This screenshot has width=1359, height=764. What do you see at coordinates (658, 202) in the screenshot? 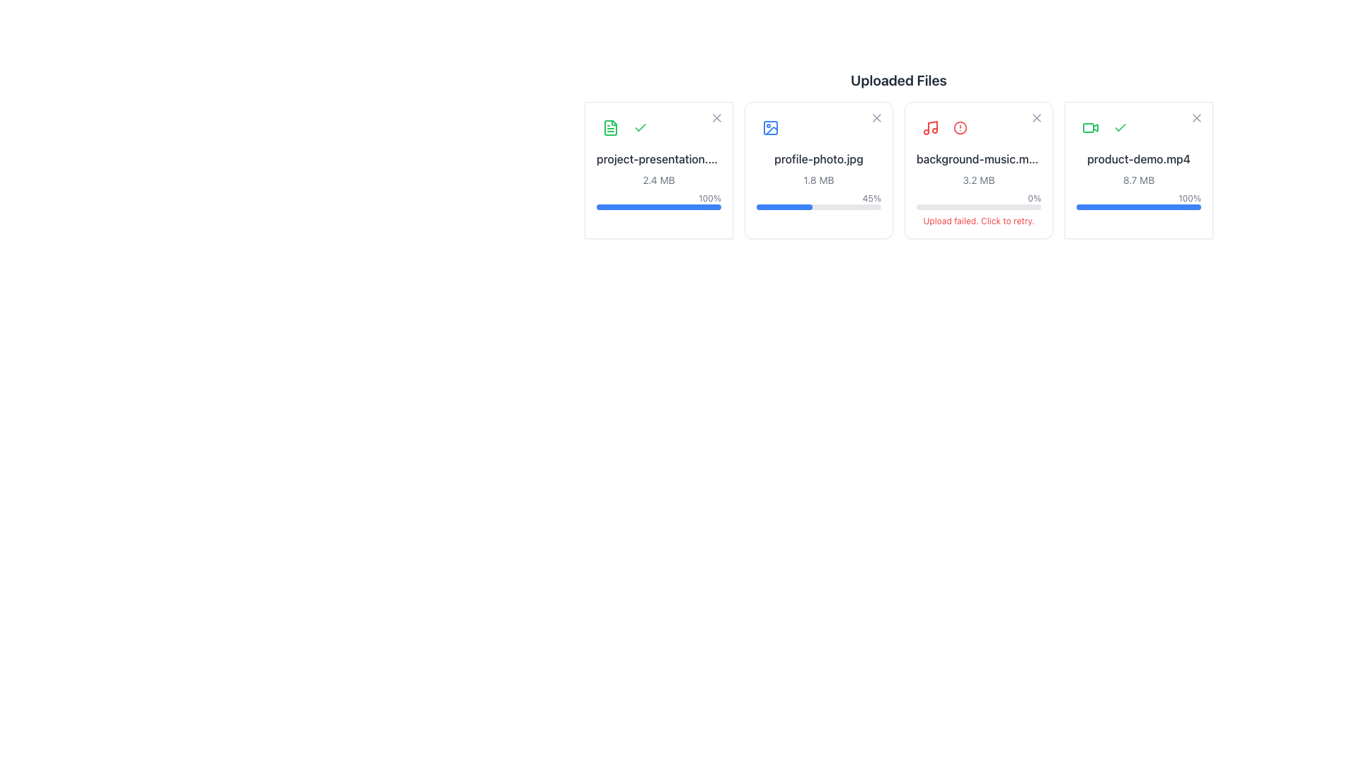
I see `the progress bar indicating 100% completion for the file 'project-presentation.pdf', located below the text '2.4 MB'` at bounding box center [658, 202].